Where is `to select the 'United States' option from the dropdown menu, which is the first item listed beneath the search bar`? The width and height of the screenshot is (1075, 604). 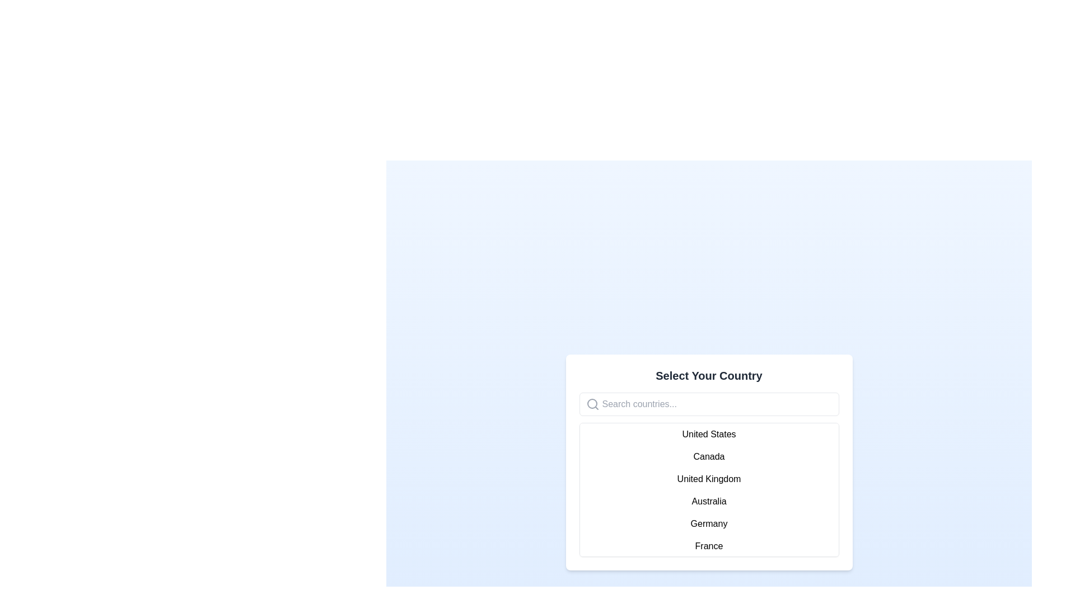 to select the 'United States' option from the dropdown menu, which is the first item listed beneath the search bar is located at coordinates (708, 433).